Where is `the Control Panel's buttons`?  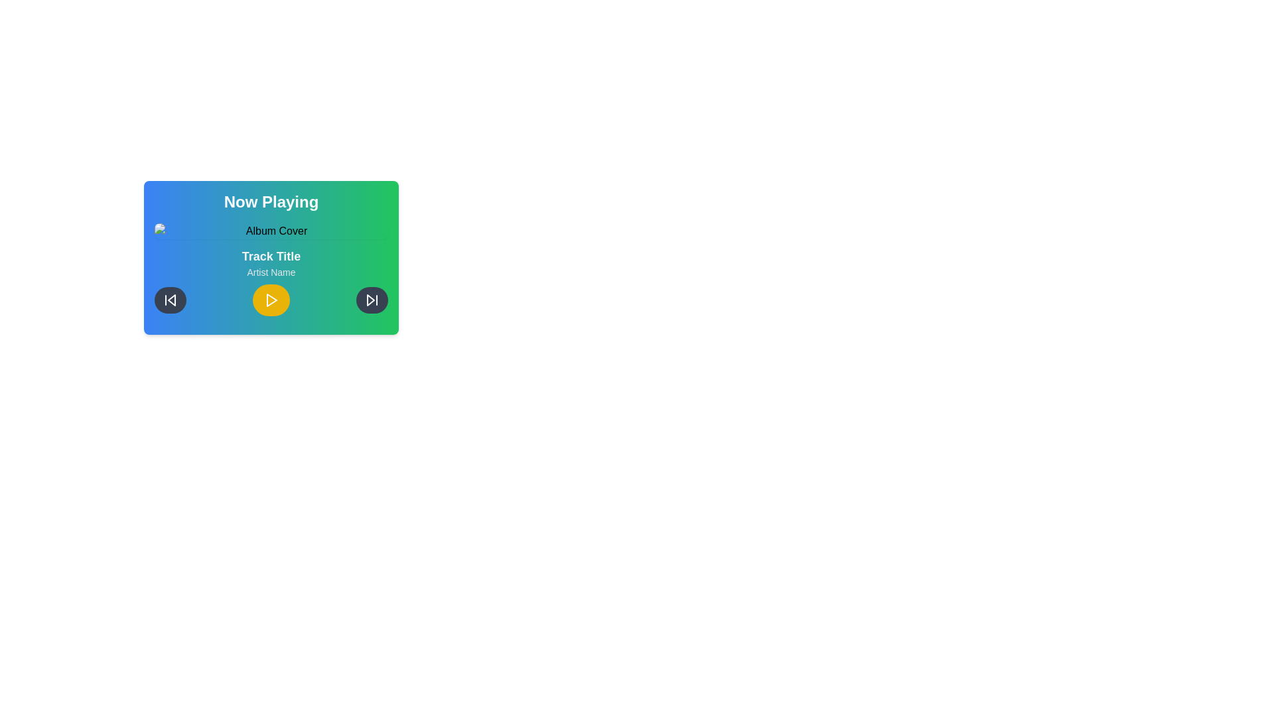 the Control Panel's buttons is located at coordinates (270, 300).